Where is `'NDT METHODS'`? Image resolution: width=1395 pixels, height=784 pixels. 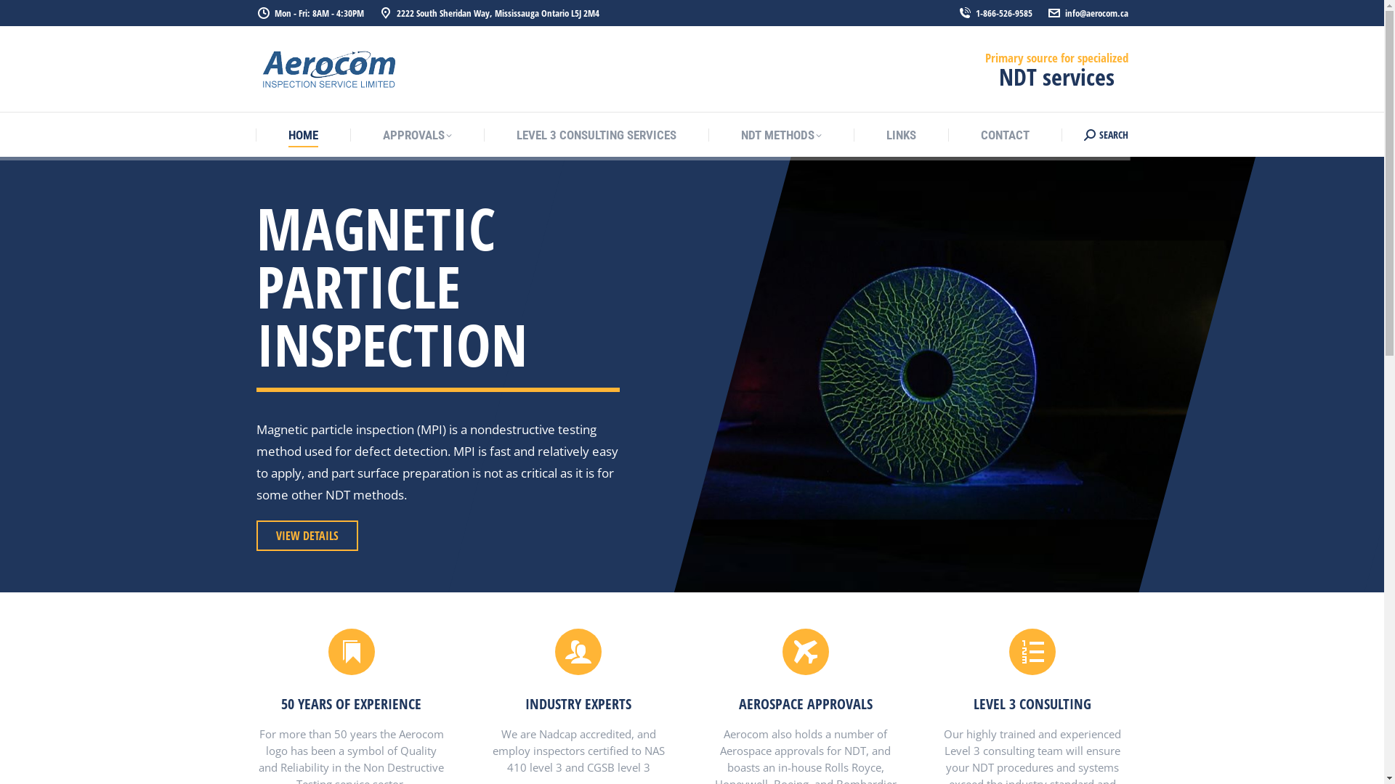
'NDT METHODS' is located at coordinates (740, 135).